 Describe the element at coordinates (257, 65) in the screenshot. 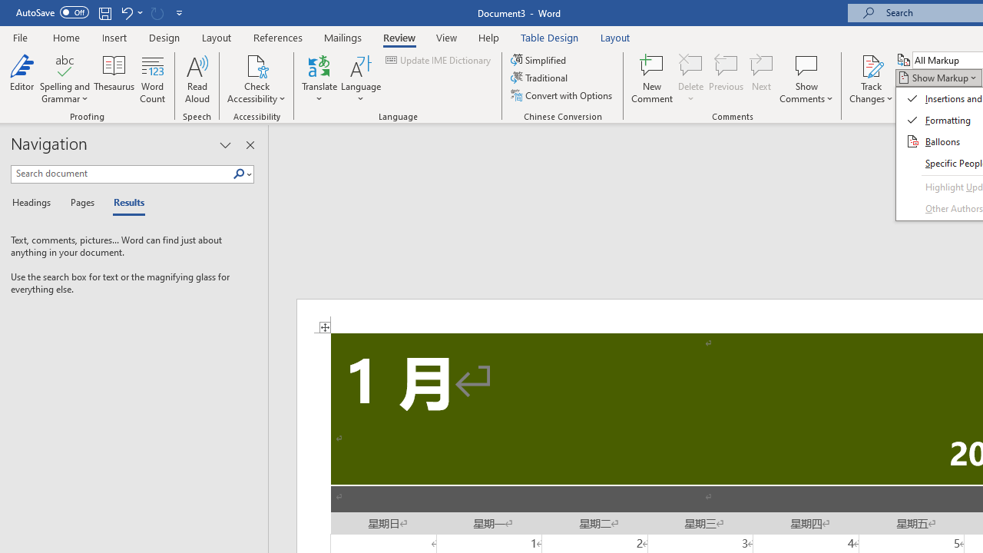

I see `'Check Accessibility'` at that location.